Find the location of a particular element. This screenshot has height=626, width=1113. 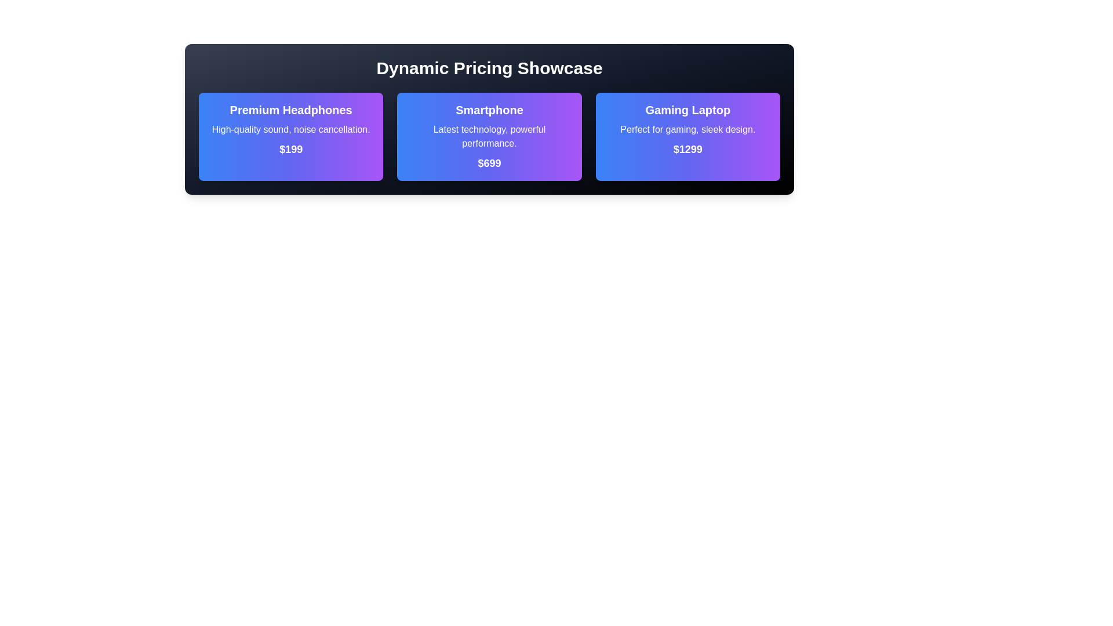

the text description element located in the 'Premium Headphones' section, which provides key features of the product and is situated below the heading 'Premium Headphones' and above the price '$199' is located at coordinates (291, 129).